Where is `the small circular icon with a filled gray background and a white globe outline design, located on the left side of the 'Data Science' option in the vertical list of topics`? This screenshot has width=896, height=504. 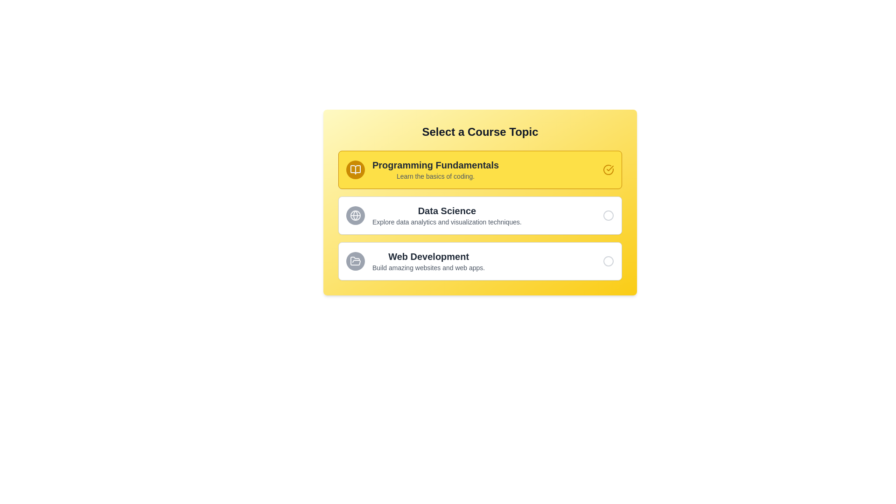
the small circular icon with a filled gray background and a white globe outline design, located on the left side of the 'Data Science' option in the vertical list of topics is located at coordinates (355, 216).